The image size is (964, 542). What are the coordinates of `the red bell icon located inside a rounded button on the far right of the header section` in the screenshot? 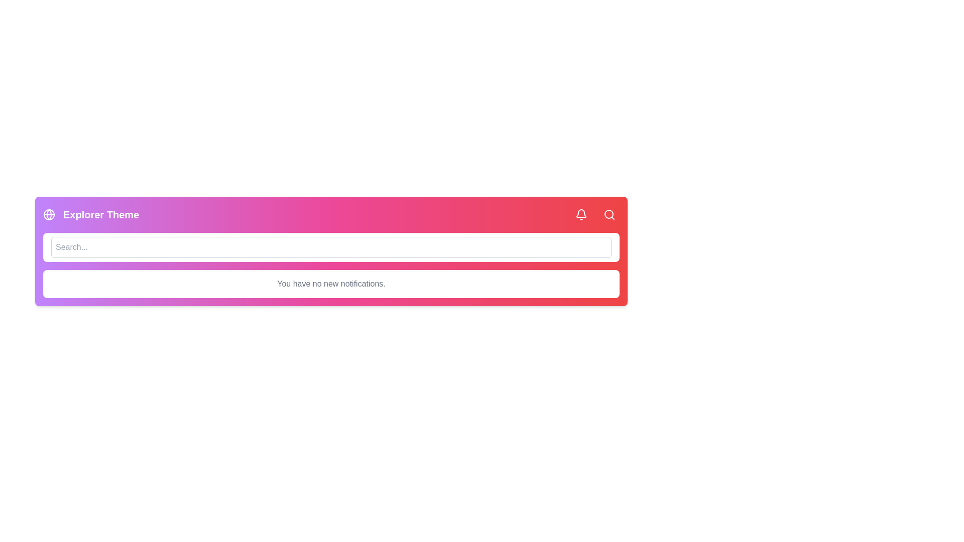 It's located at (581, 214).